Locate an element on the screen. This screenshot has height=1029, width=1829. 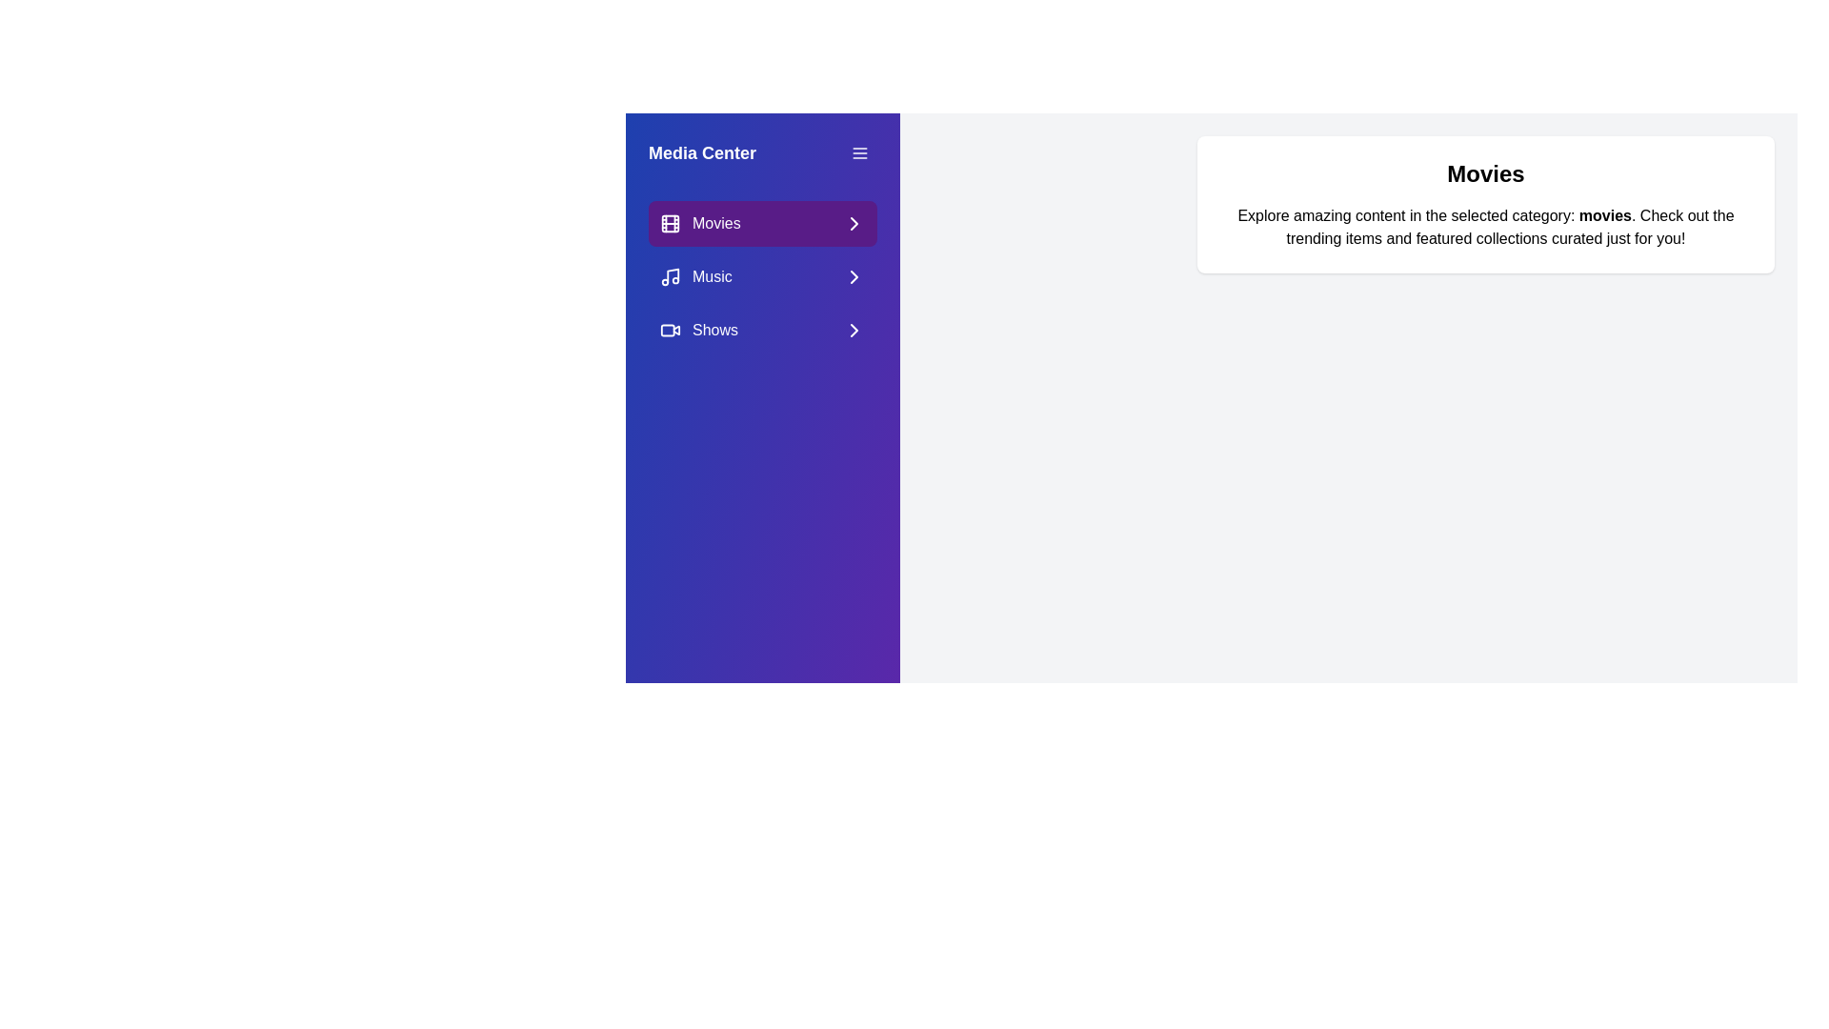
bolded text emphasizing the category 'movies' located towards the end of a sentence in the descriptive statement box on the right portion of the interface is located at coordinates (1604, 214).